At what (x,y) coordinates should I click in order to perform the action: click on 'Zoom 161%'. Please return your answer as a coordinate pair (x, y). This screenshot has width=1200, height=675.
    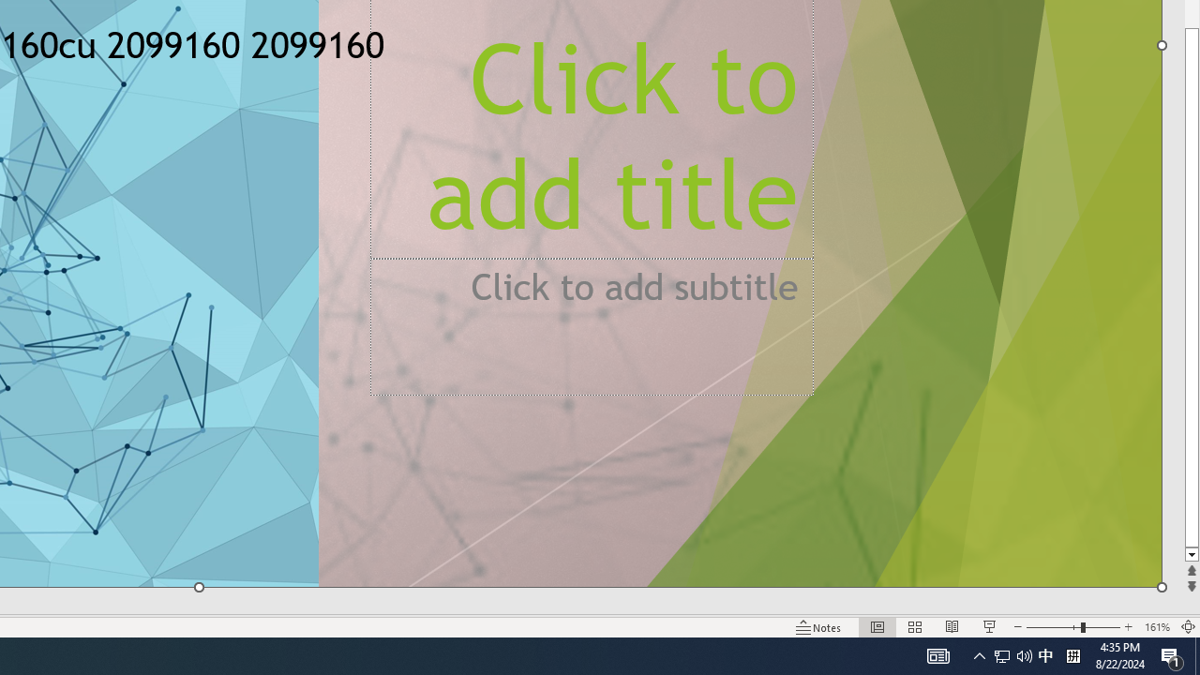
    Looking at the image, I should click on (1156, 627).